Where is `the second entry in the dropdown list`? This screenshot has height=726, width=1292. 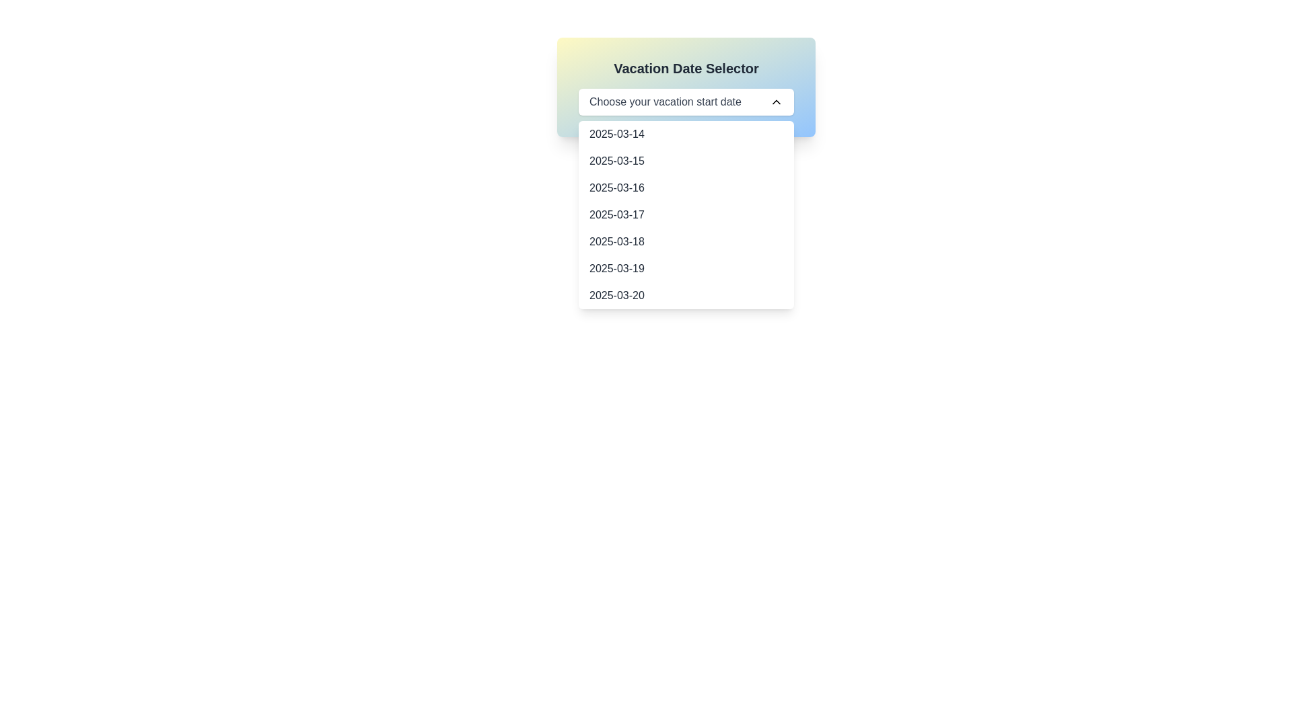
the second entry in the dropdown list is located at coordinates (616, 160).